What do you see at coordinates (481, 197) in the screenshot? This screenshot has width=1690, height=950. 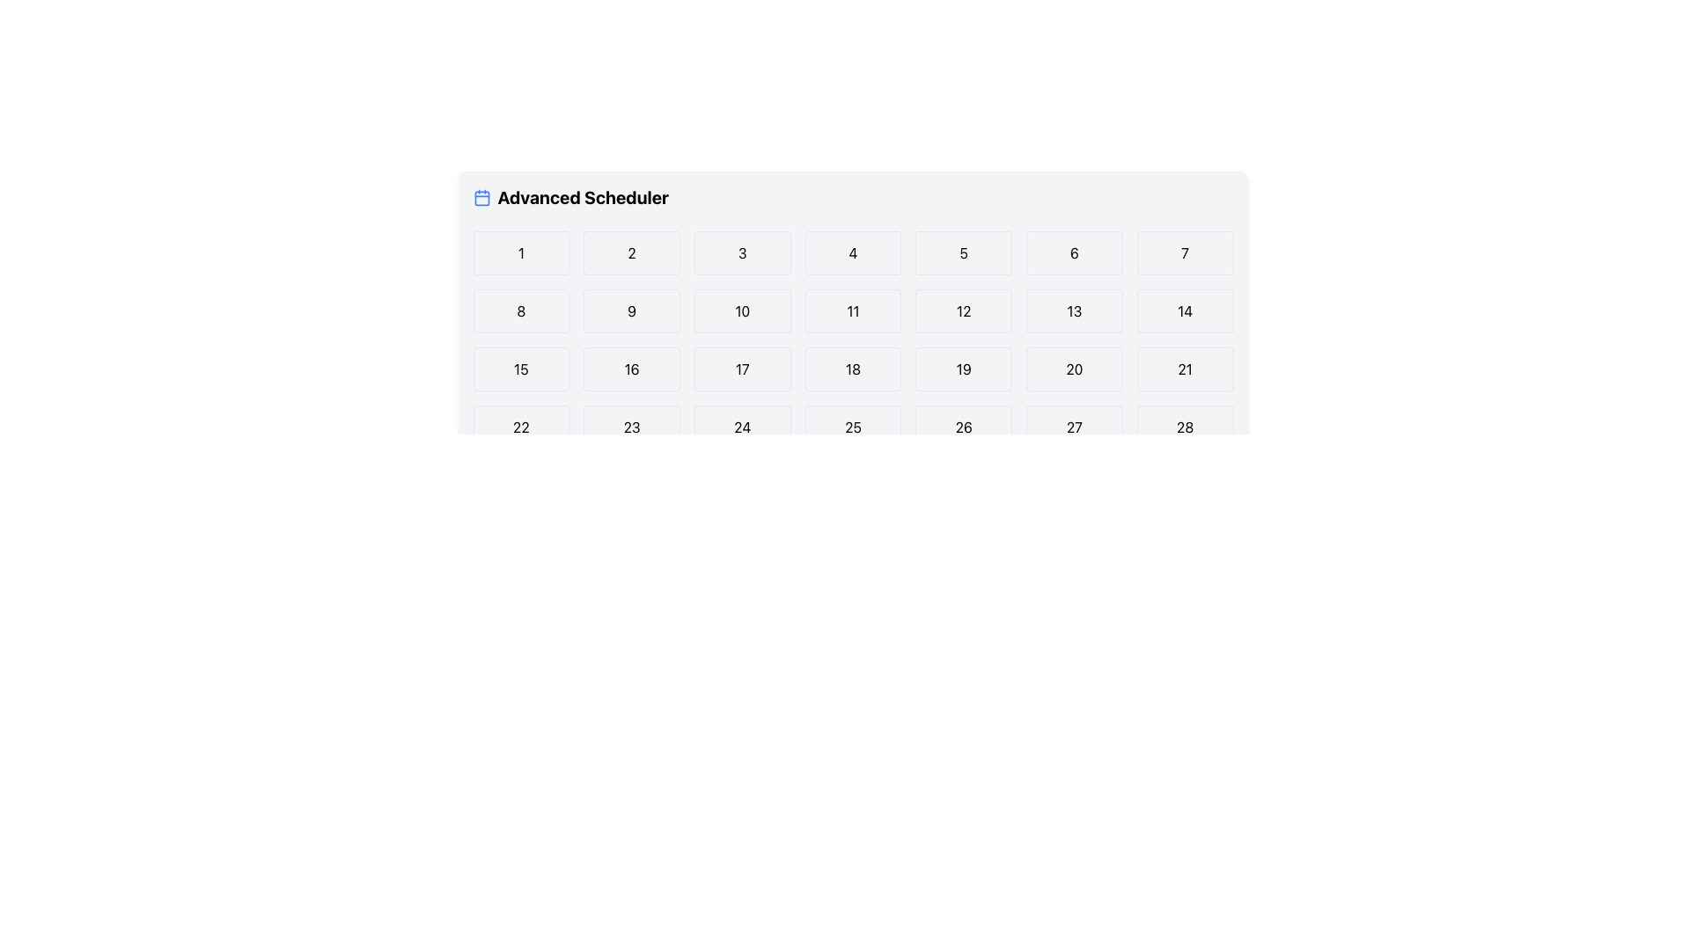 I see `the small, blue-outlined calendar icon located` at bounding box center [481, 197].